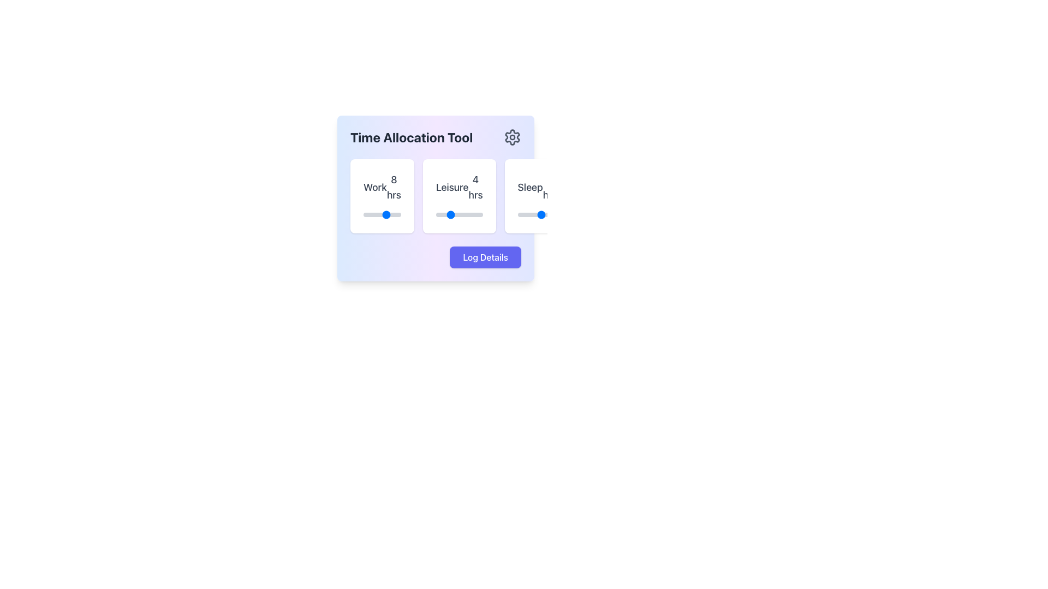 This screenshot has width=1048, height=589. I want to click on the Horizontal range slider to set the leisure hours value, which currently displays '4 hrs' above it, so click(459, 214).